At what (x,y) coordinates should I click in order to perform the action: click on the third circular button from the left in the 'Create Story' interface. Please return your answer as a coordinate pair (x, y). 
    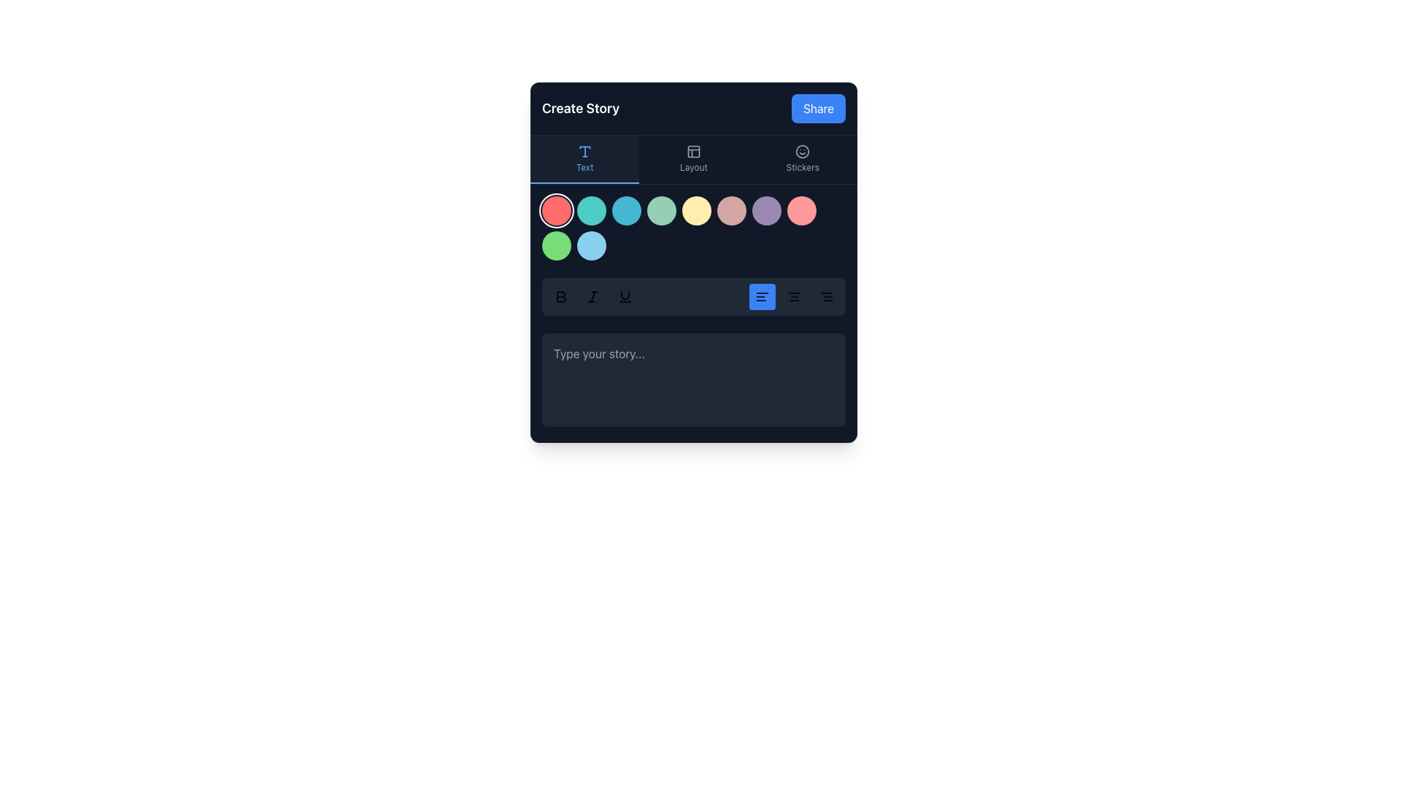
    Looking at the image, I should click on (627, 211).